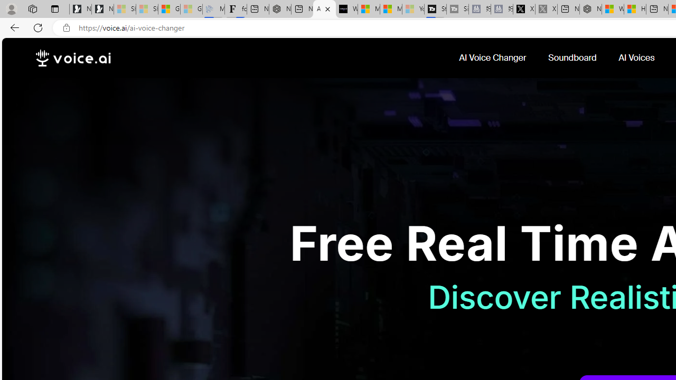  What do you see at coordinates (493, 58) in the screenshot?
I see `'AI Voice Changer '` at bounding box center [493, 58].